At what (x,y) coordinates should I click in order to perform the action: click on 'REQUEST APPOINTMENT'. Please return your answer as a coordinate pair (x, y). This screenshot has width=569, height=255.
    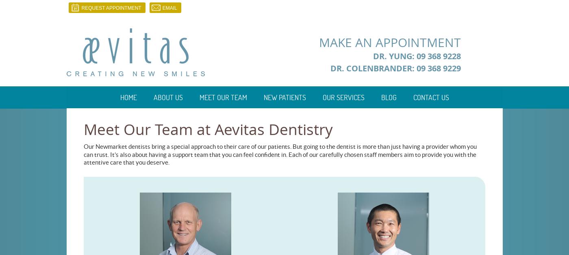
    Looking at the image, I should click on (111, 8).